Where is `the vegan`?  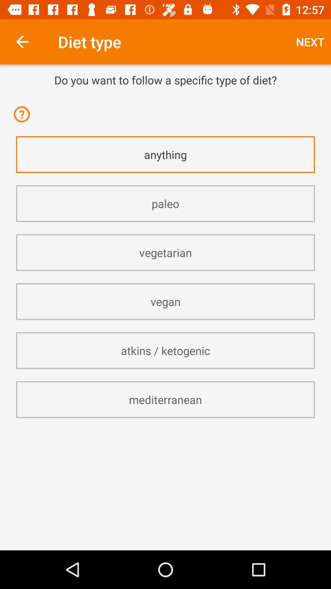 the vegan is located at coordinates (165, 302).